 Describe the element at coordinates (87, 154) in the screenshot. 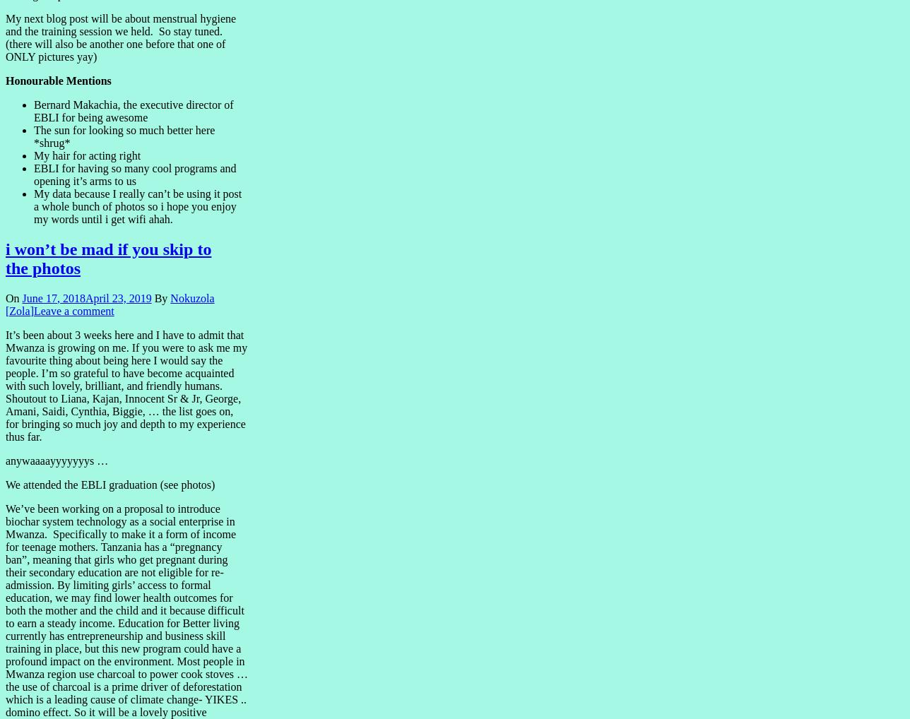

I see `'My hair for acting right'` at that location.